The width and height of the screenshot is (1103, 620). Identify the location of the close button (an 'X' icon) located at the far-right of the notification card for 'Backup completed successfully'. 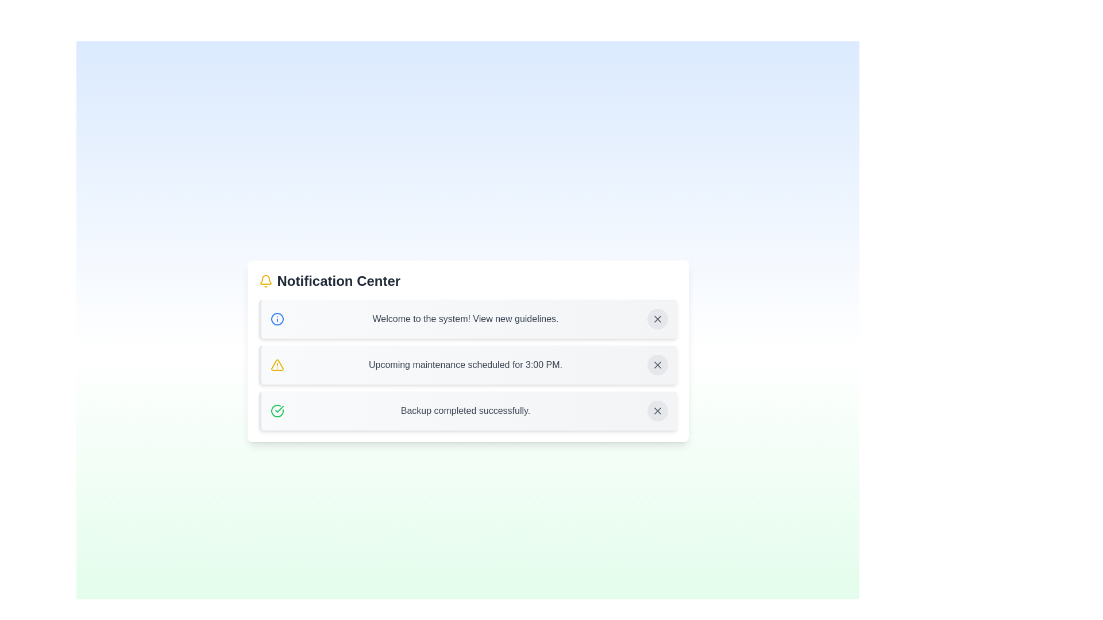
(657, 410).